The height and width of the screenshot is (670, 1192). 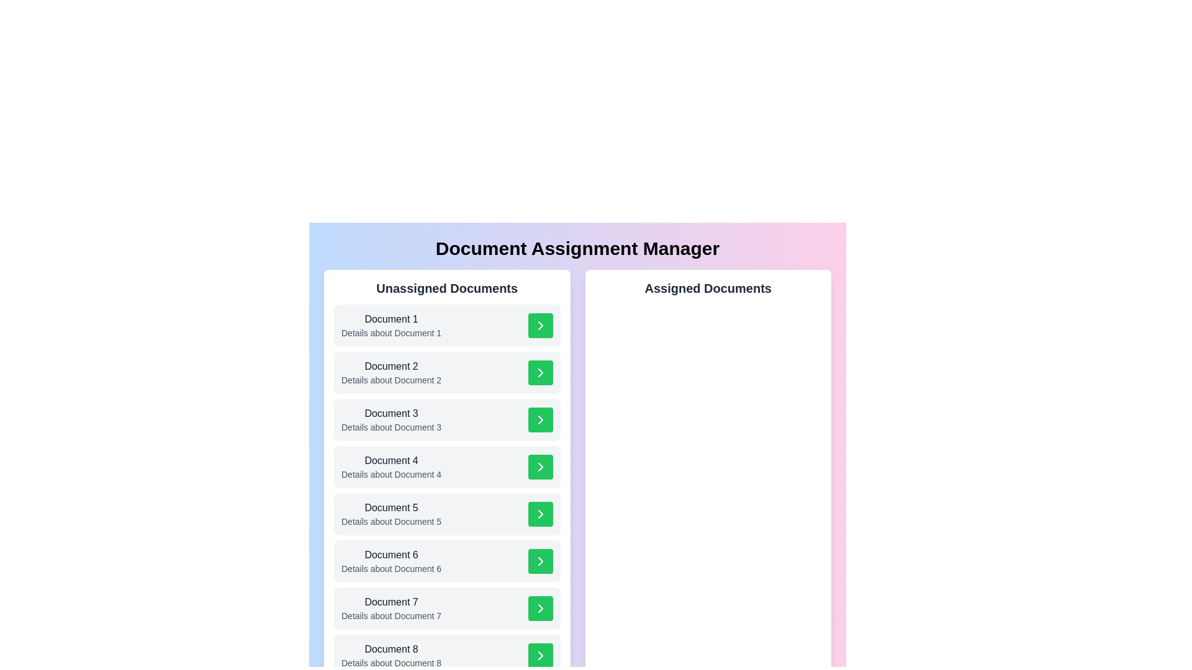 I want to click on text displayed in a smaller-sized, gray-colored font that says 'Details about Document 4', located underneath the bold and black-colored text 'Document 4' in the fourth item of the vertical list labeled 'Unassigned Documents', so click(x=391, y=474).